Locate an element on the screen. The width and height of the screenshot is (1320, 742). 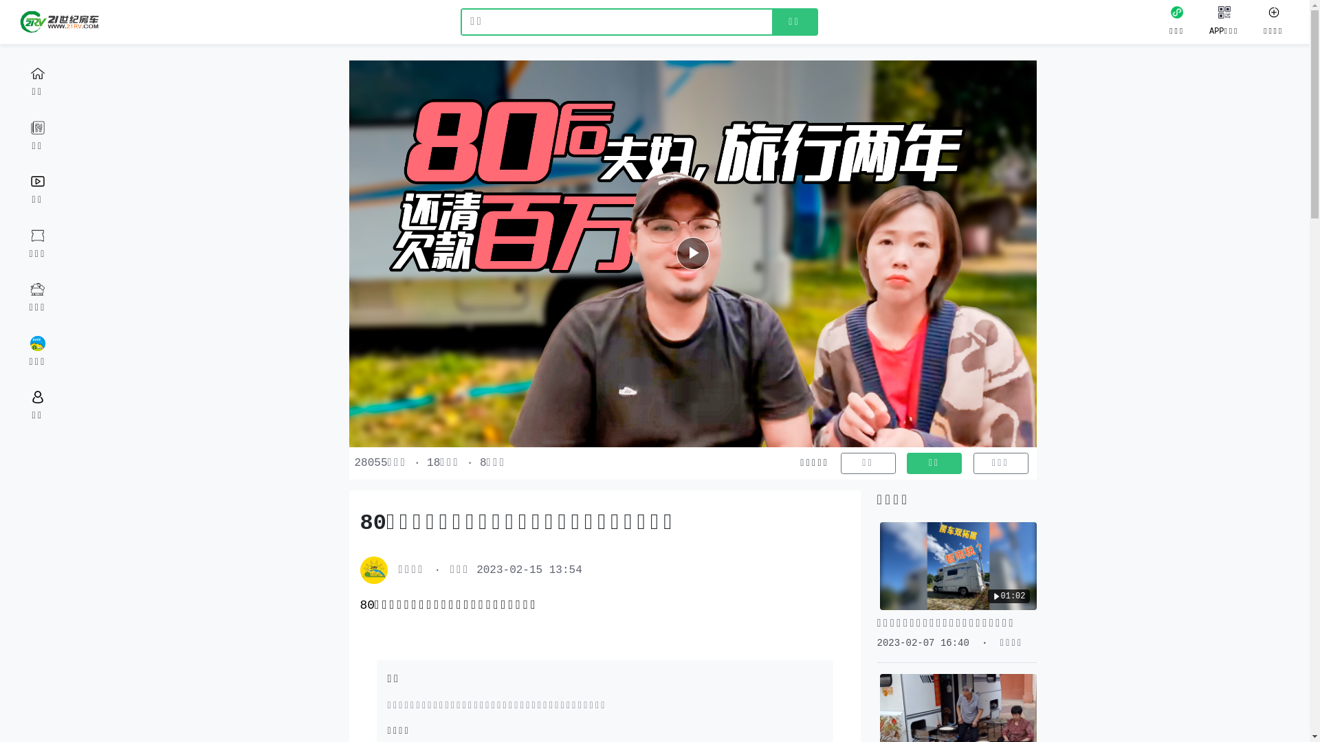
'Play Video' is located at coordinates (693, 254).